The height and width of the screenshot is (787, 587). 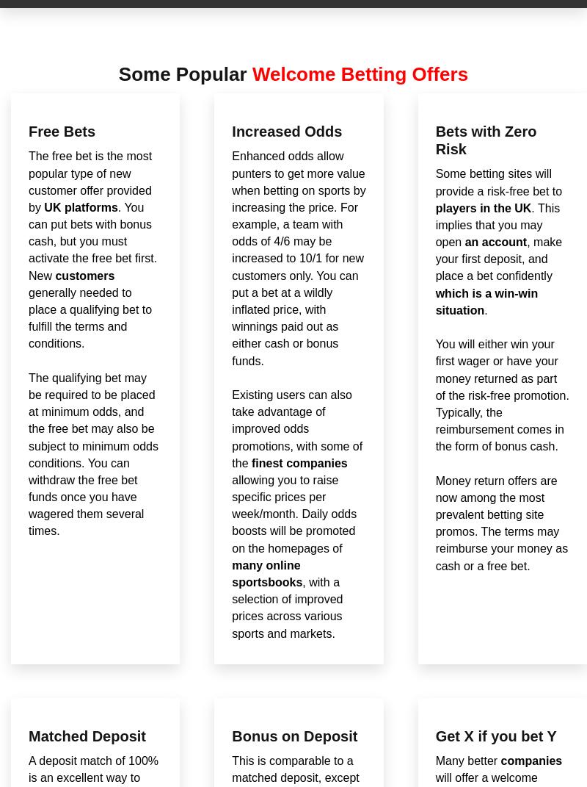 What do you see at coordinates (84, 274) in the screenshot?
I see `'customers'` at bounding box center [84, 274].